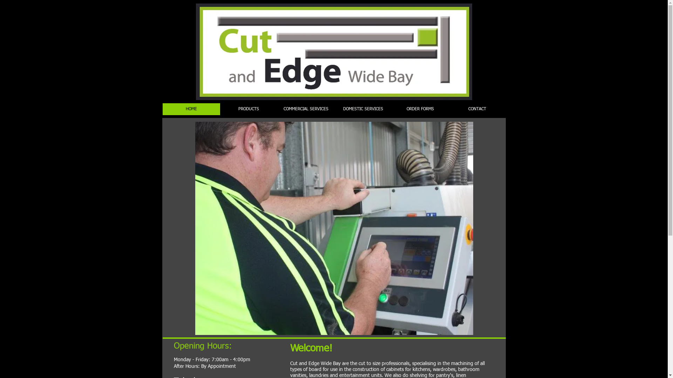 The height and width of the screenshot is (378, 673). What do you see at coordinates (391, 109) in the screenshot?
I see `'ORDER FORMS'` at bounding box center [391, 109].